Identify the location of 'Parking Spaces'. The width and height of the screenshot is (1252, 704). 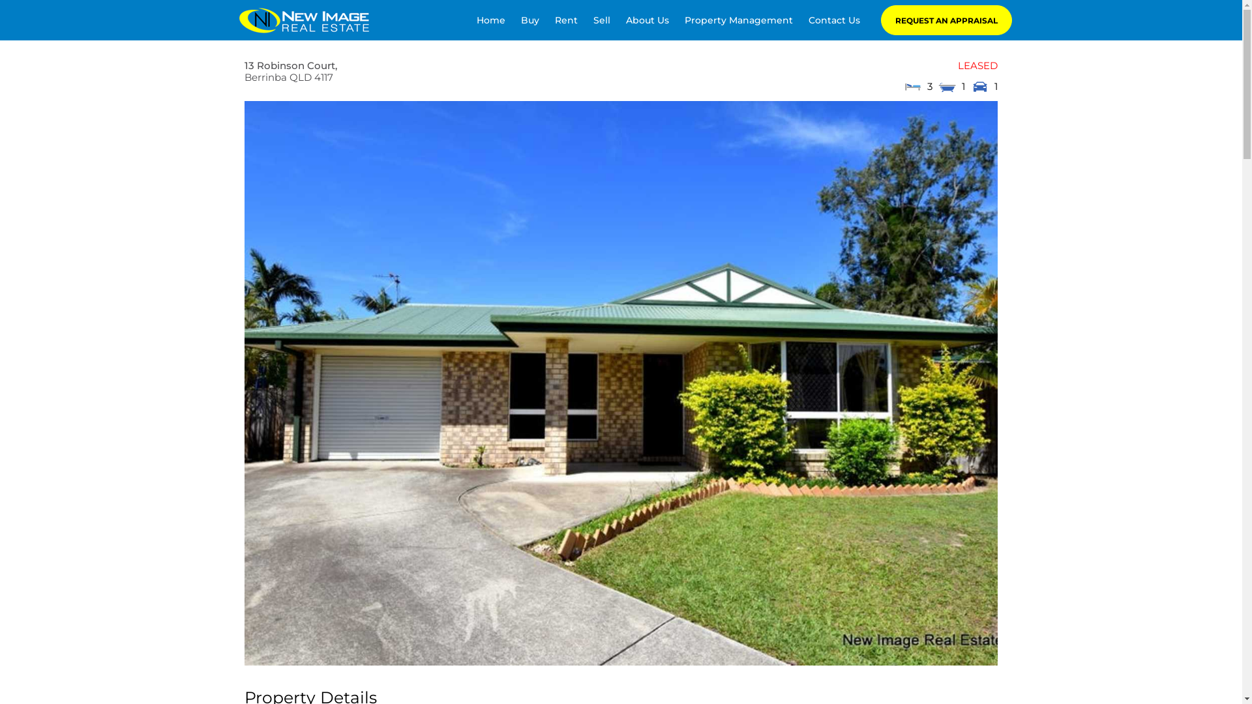
(979, 86).